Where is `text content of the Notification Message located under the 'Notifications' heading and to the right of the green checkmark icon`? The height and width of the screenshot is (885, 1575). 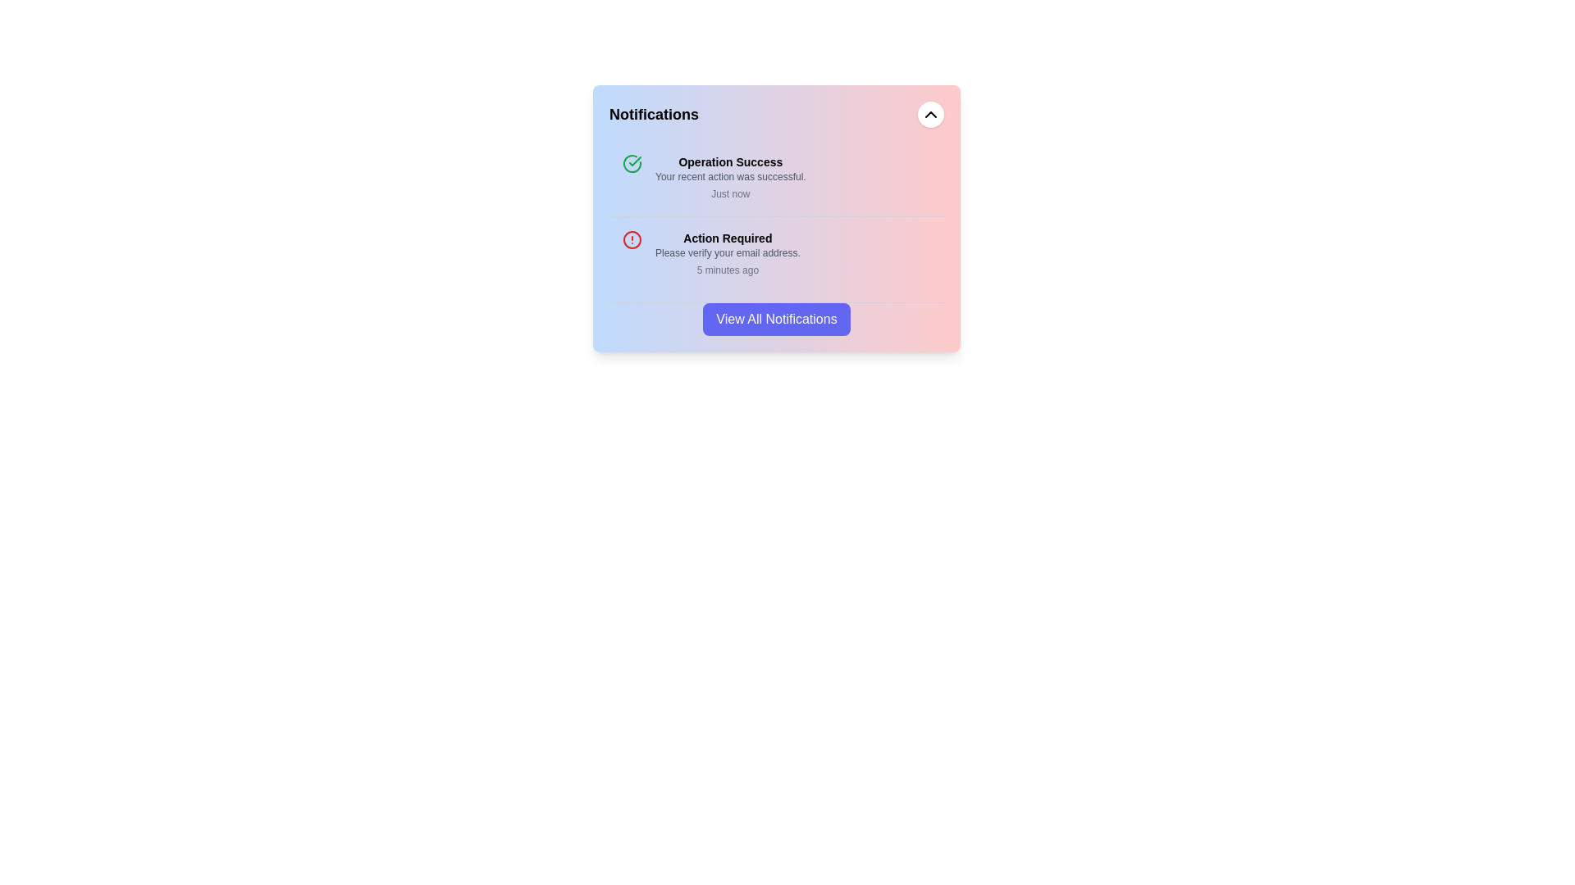
text content of the Notification Message located under the 'Notifications' heading and to the right of the green checkmark icon is located at coordinates (729, 179).